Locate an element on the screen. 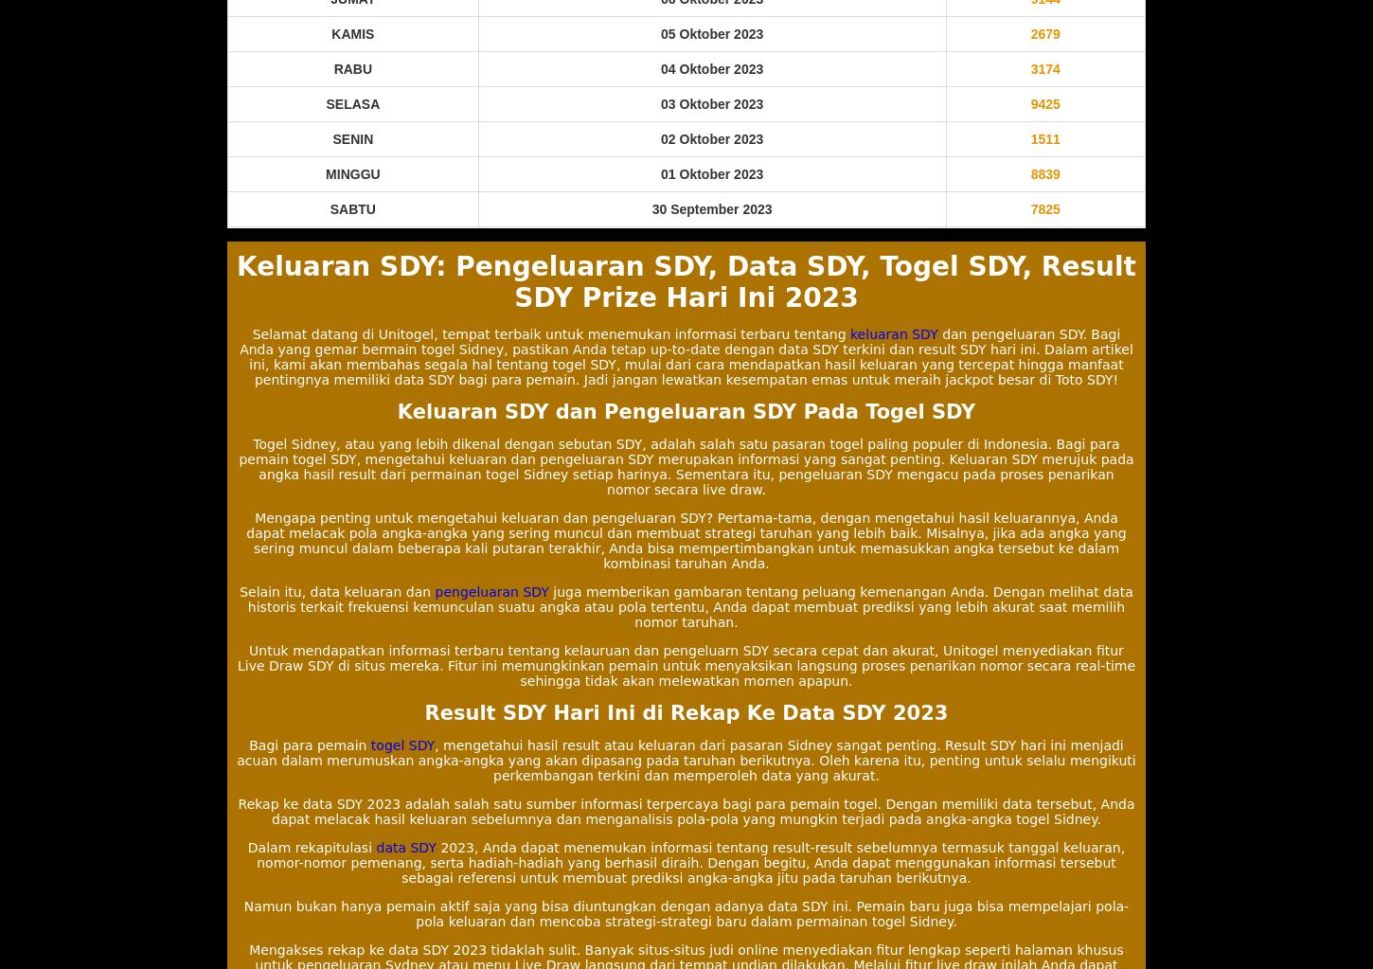  'Rekap ke data SDY 2023 adalah salah satu sumber informasi terpercaya bagi para pemain togel. Dengan memiliki data tersebut, Anda dapat melacak hasil keluaran sebelumnya dan menganalisis pola-pola yang mungkin terjadi pada angka-angka togel Sidney.' is located at coordinates (237, 810).